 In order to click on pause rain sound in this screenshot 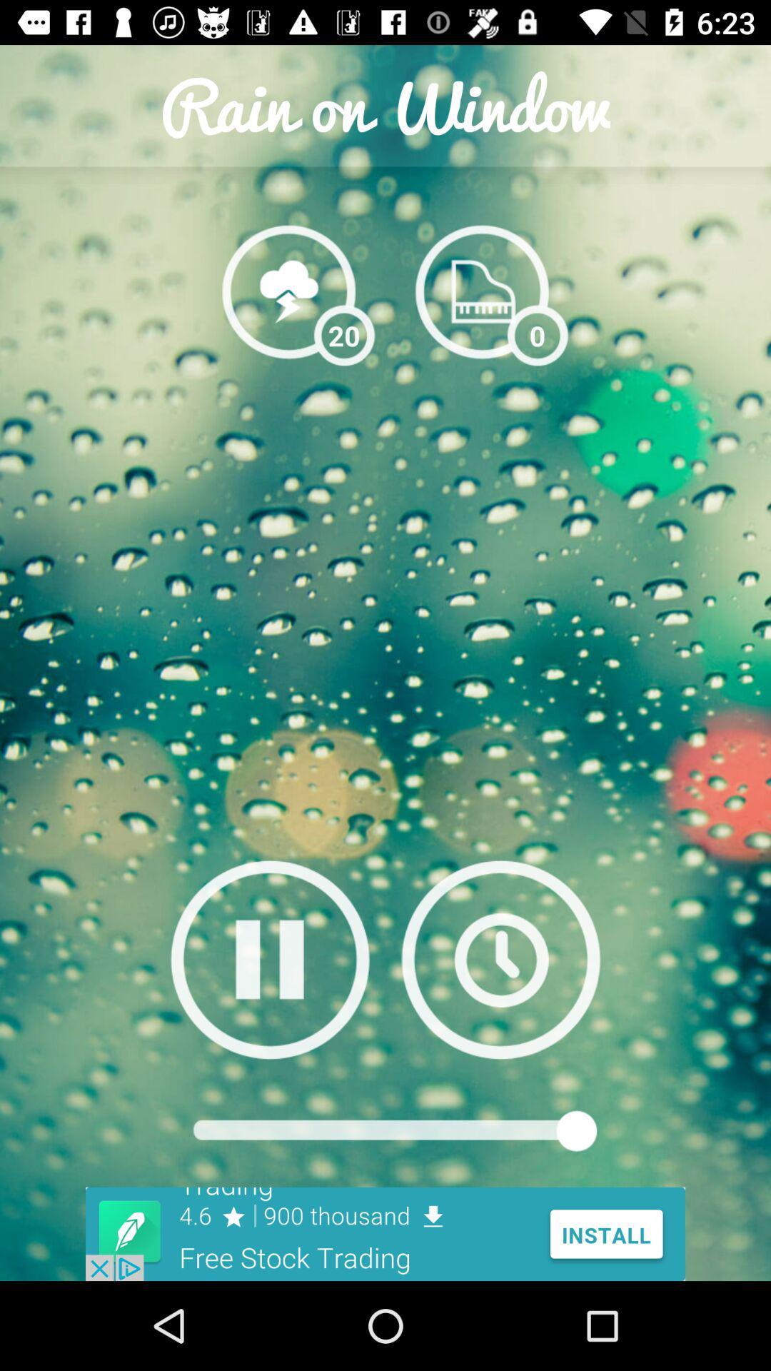, I will do `click(270, 959)`.